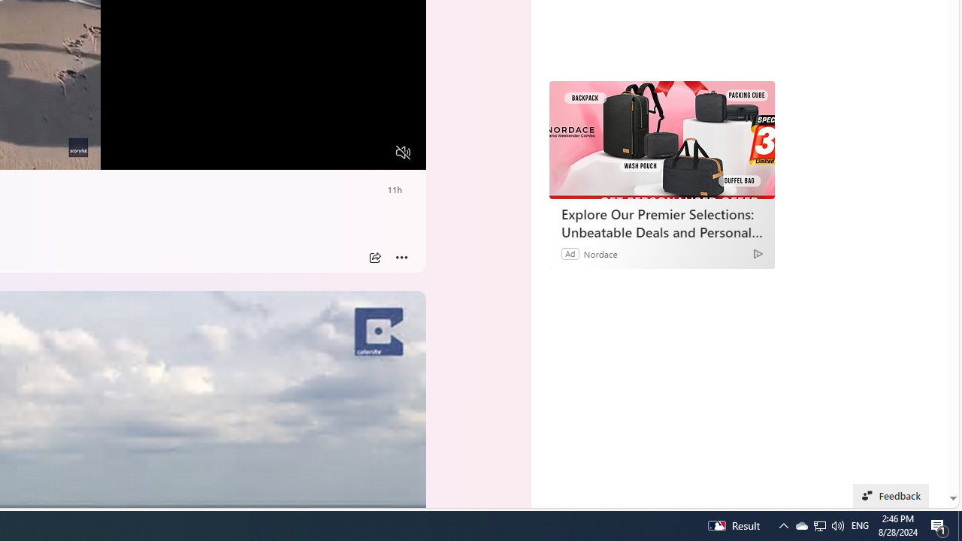 The height and width of the screenshot is (541, 962). What do you see at coordinates (891, 495) in the screenshot?
I see `'Feedback'` at bounding box center [891, 495].